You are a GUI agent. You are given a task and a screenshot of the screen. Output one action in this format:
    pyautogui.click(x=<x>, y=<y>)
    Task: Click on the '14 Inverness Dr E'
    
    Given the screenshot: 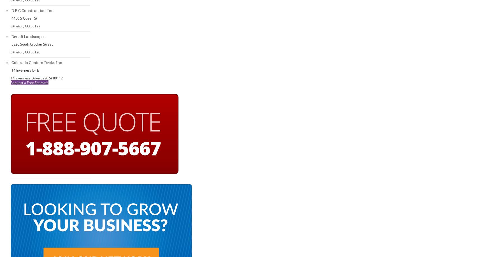 What is the action you would take?
    pyautogui.click(x=11, y=70)
    